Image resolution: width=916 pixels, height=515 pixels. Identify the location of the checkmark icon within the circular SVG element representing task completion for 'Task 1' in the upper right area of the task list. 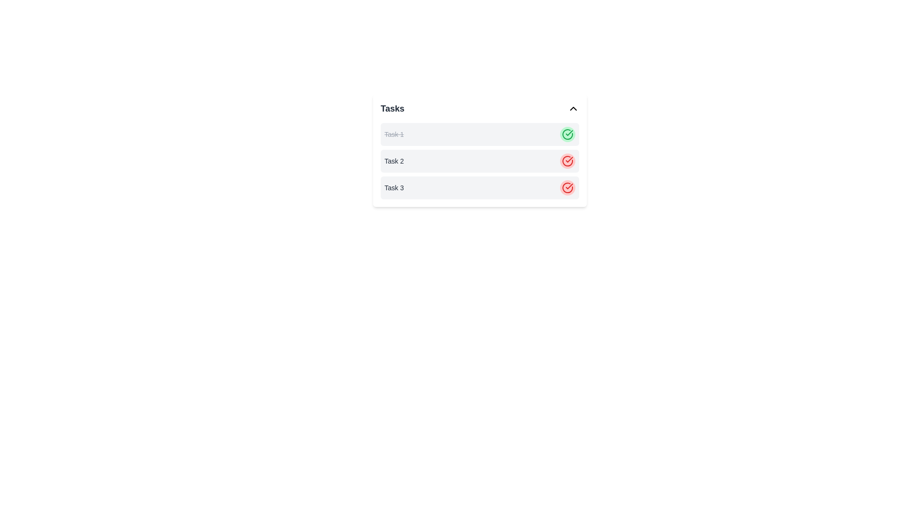
(569, 133).